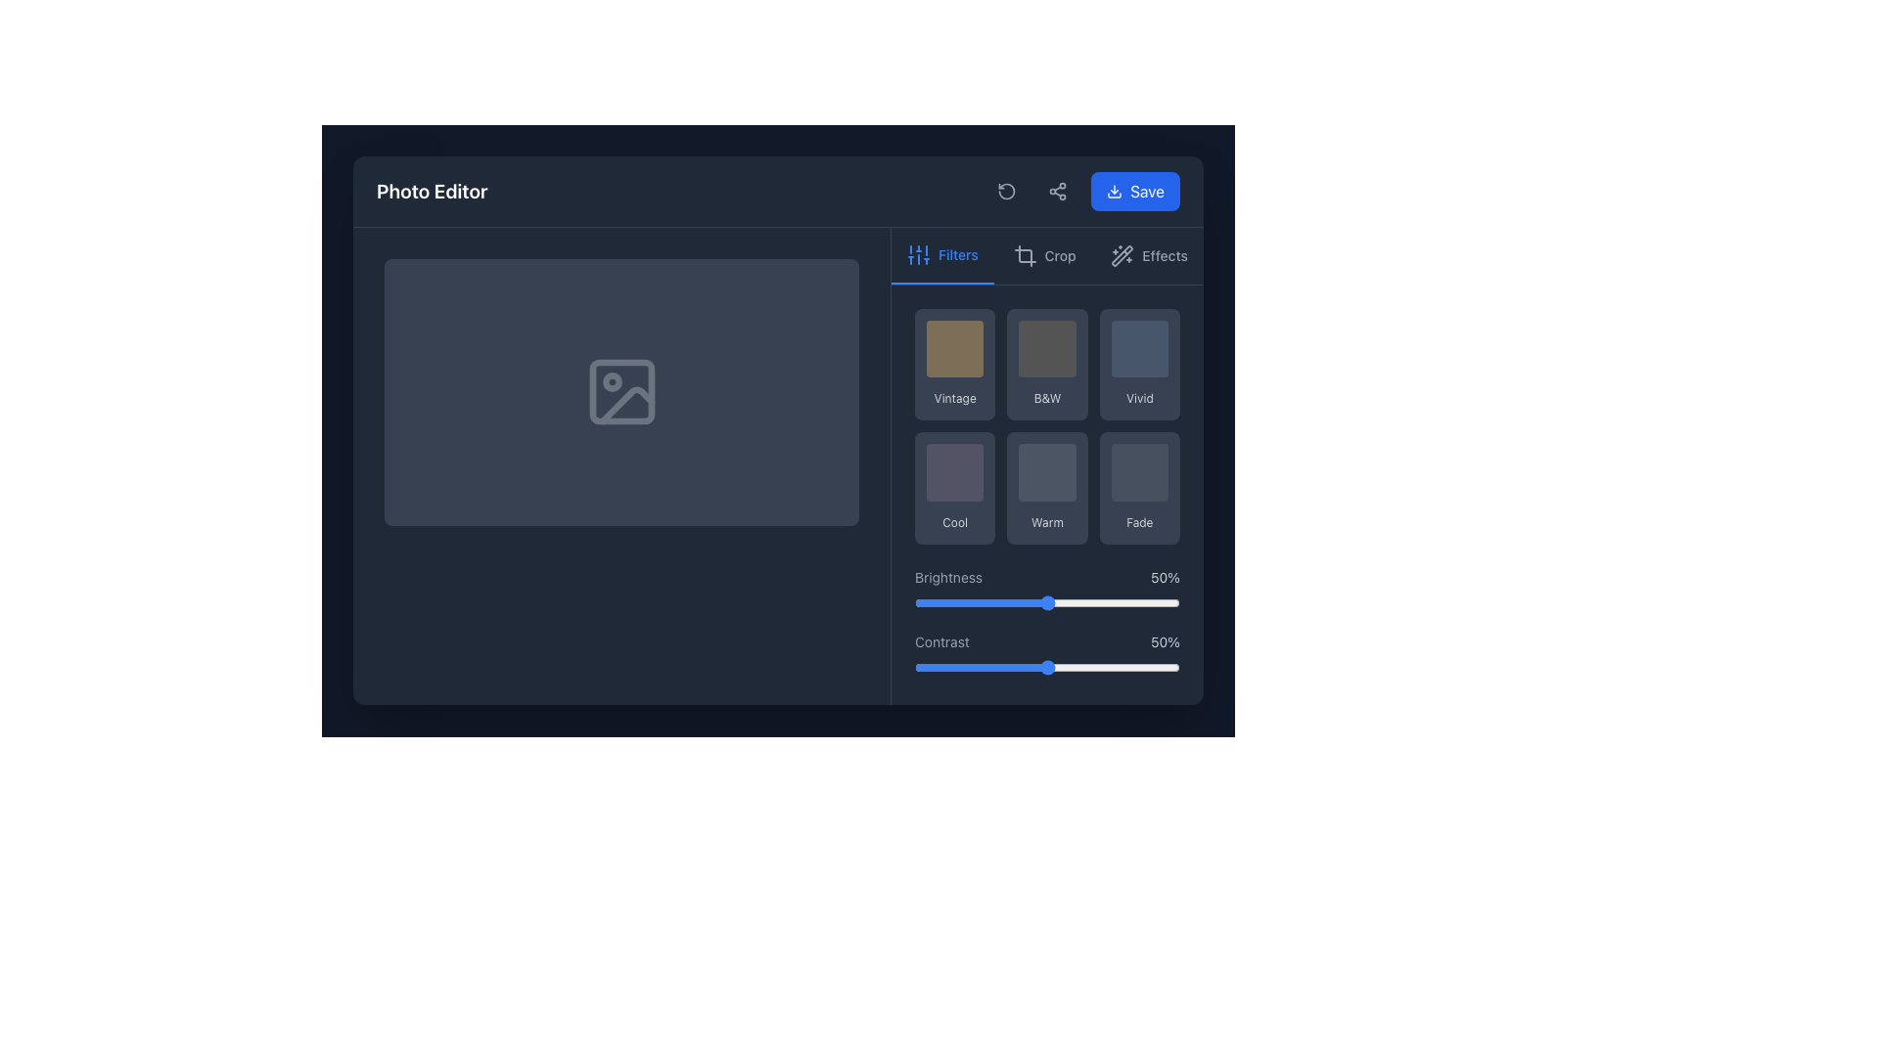 The width and height of the screenshot is (1879, 1056). What do you see at coordinates (1139, 487) in the screenshot?
I see `the 'Fade' filter button located in the bottom right corner of the Filters section to apply the Fade filter to the image being edited` at bounding box center [1139, 487].